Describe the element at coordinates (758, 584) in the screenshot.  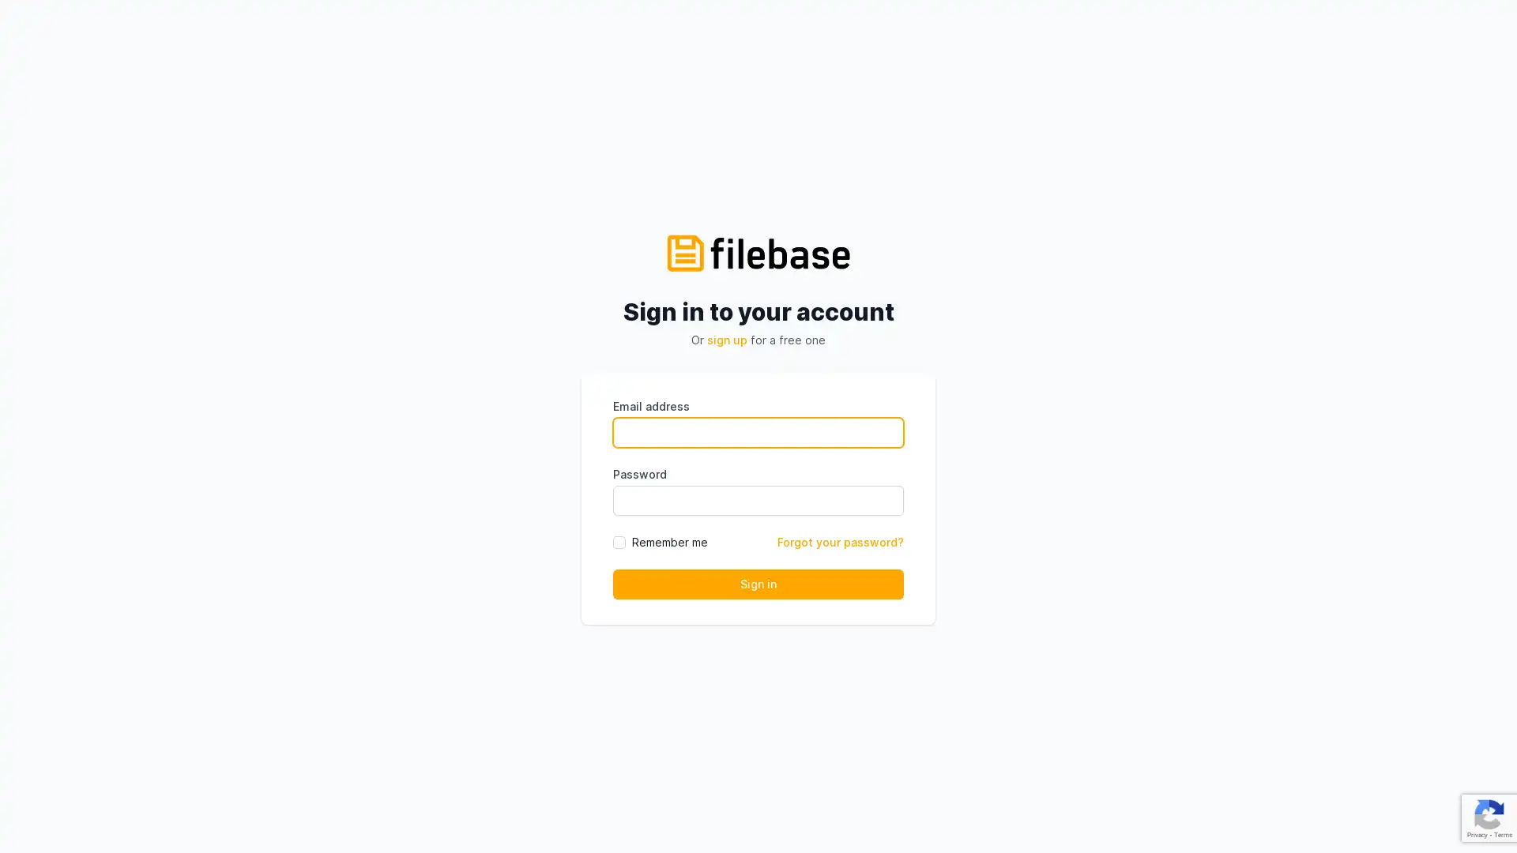
I see `Sign in` at that location.